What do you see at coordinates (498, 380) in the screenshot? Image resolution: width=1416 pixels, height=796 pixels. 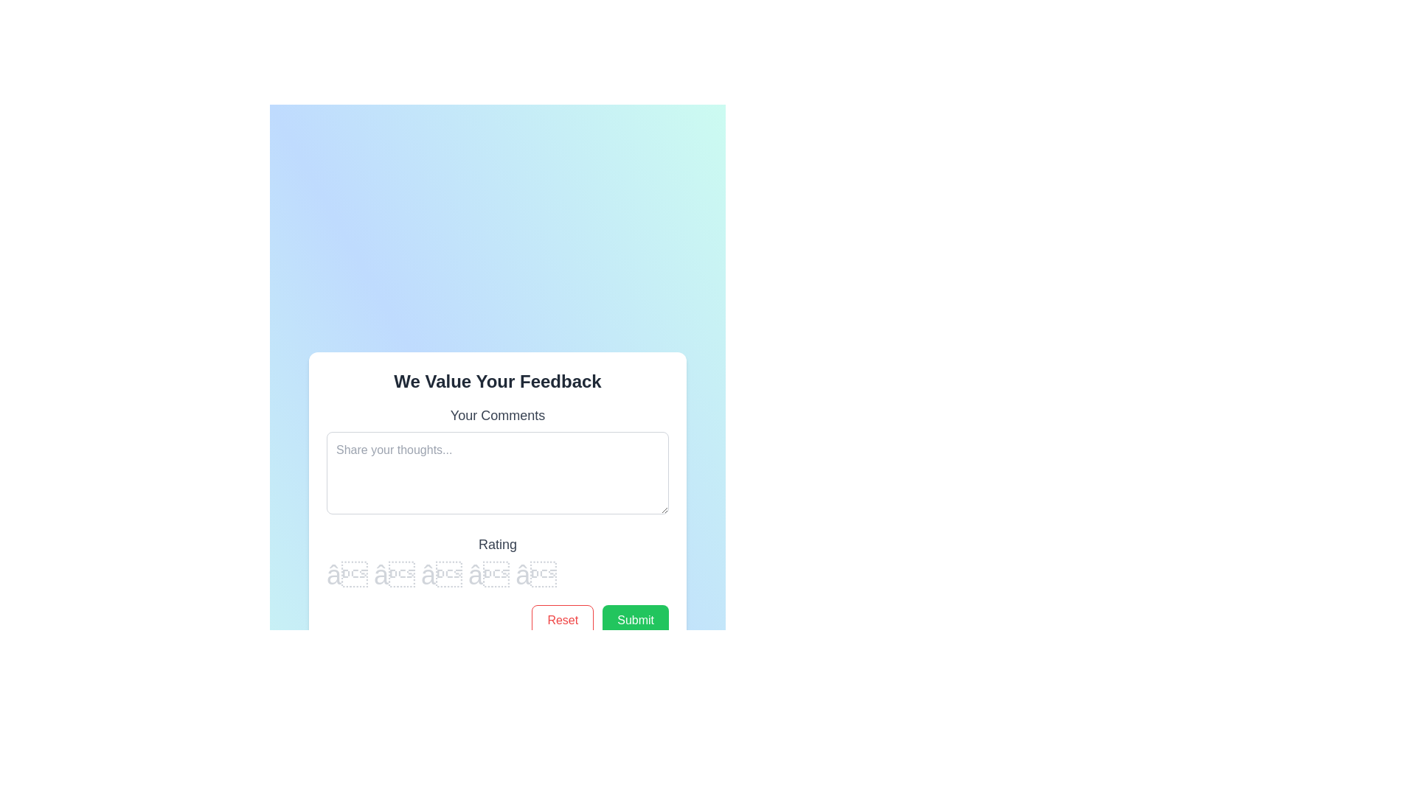 I see `the title text 'We Value Your Feedback' displayed in bold, large font at the top of the feedback form` at bounding box center [498, 380].